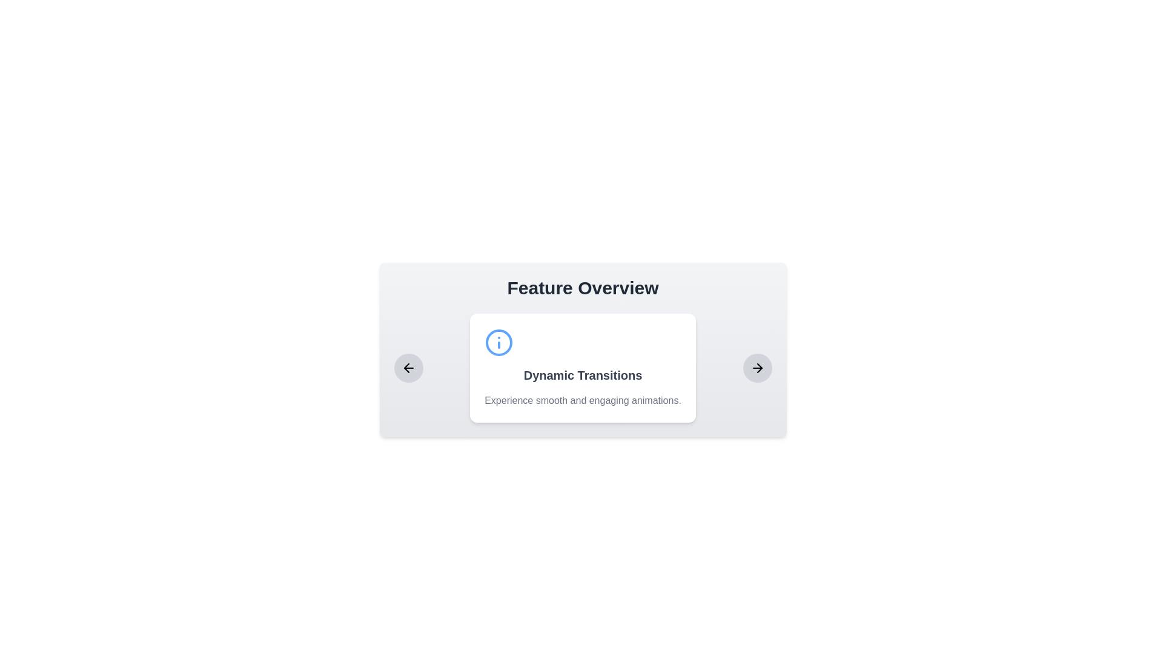 This screenshot has width=1163, height=654. Describe the element at coordinates (757, 368) in the screenshot. I see `the arrow icon located within the circular button on the far right of the feature overview card` at that location.